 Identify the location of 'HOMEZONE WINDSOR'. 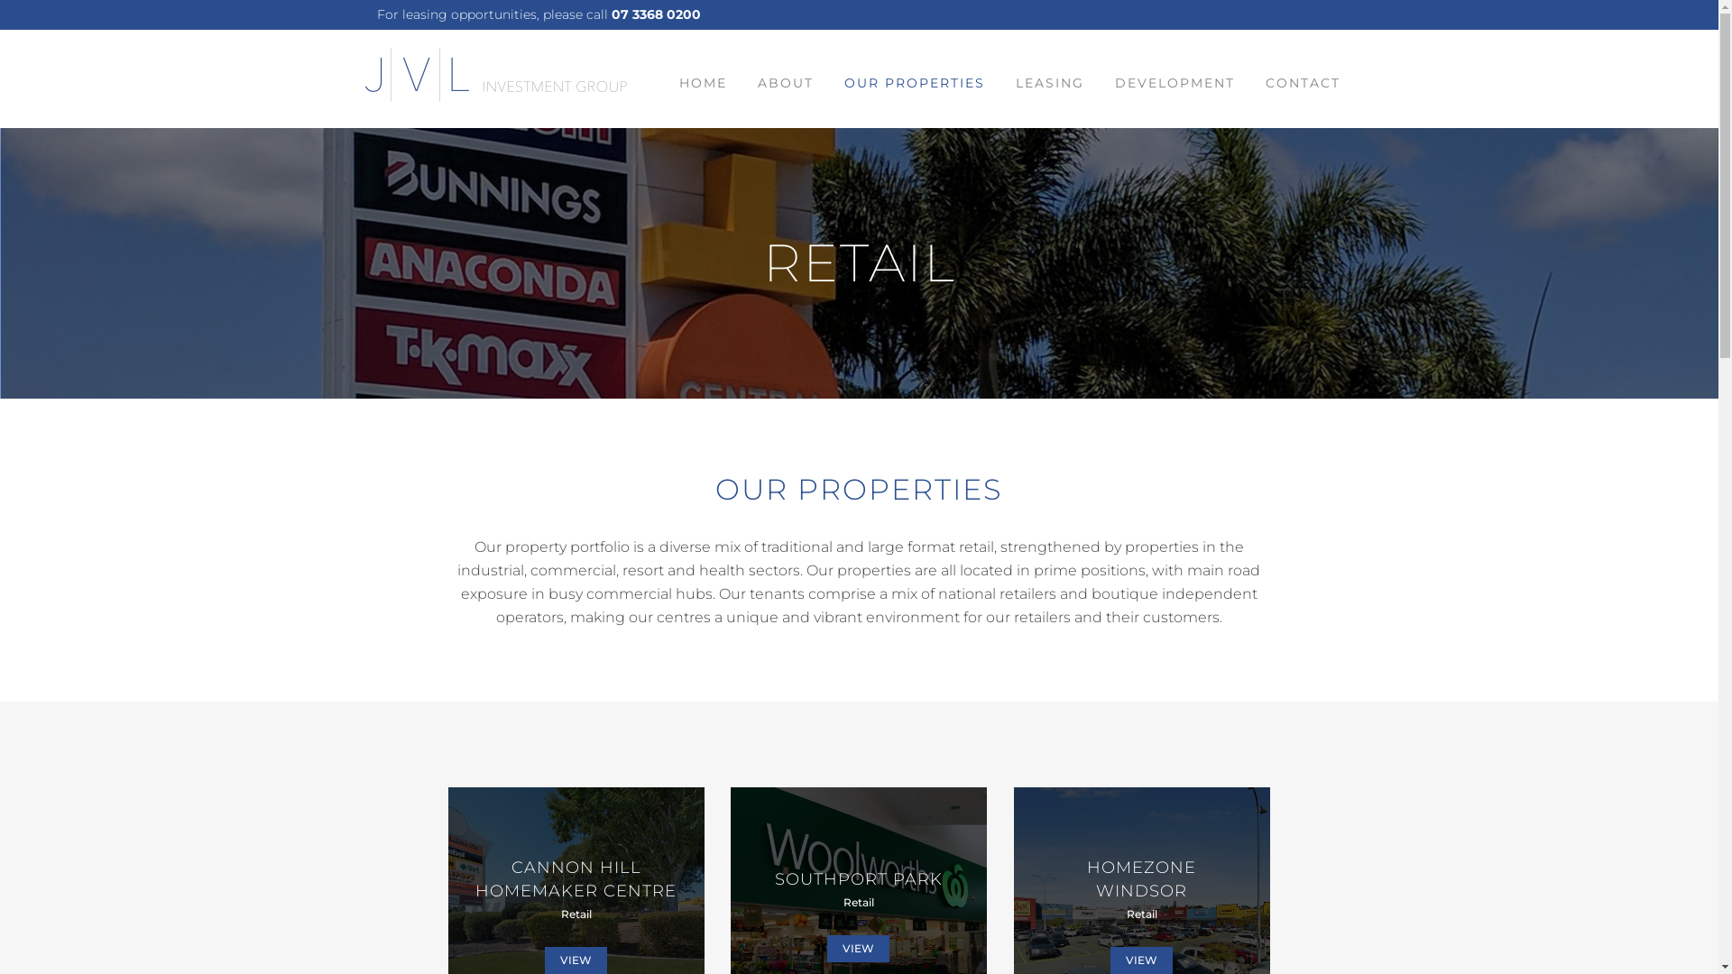
(1085, 878).